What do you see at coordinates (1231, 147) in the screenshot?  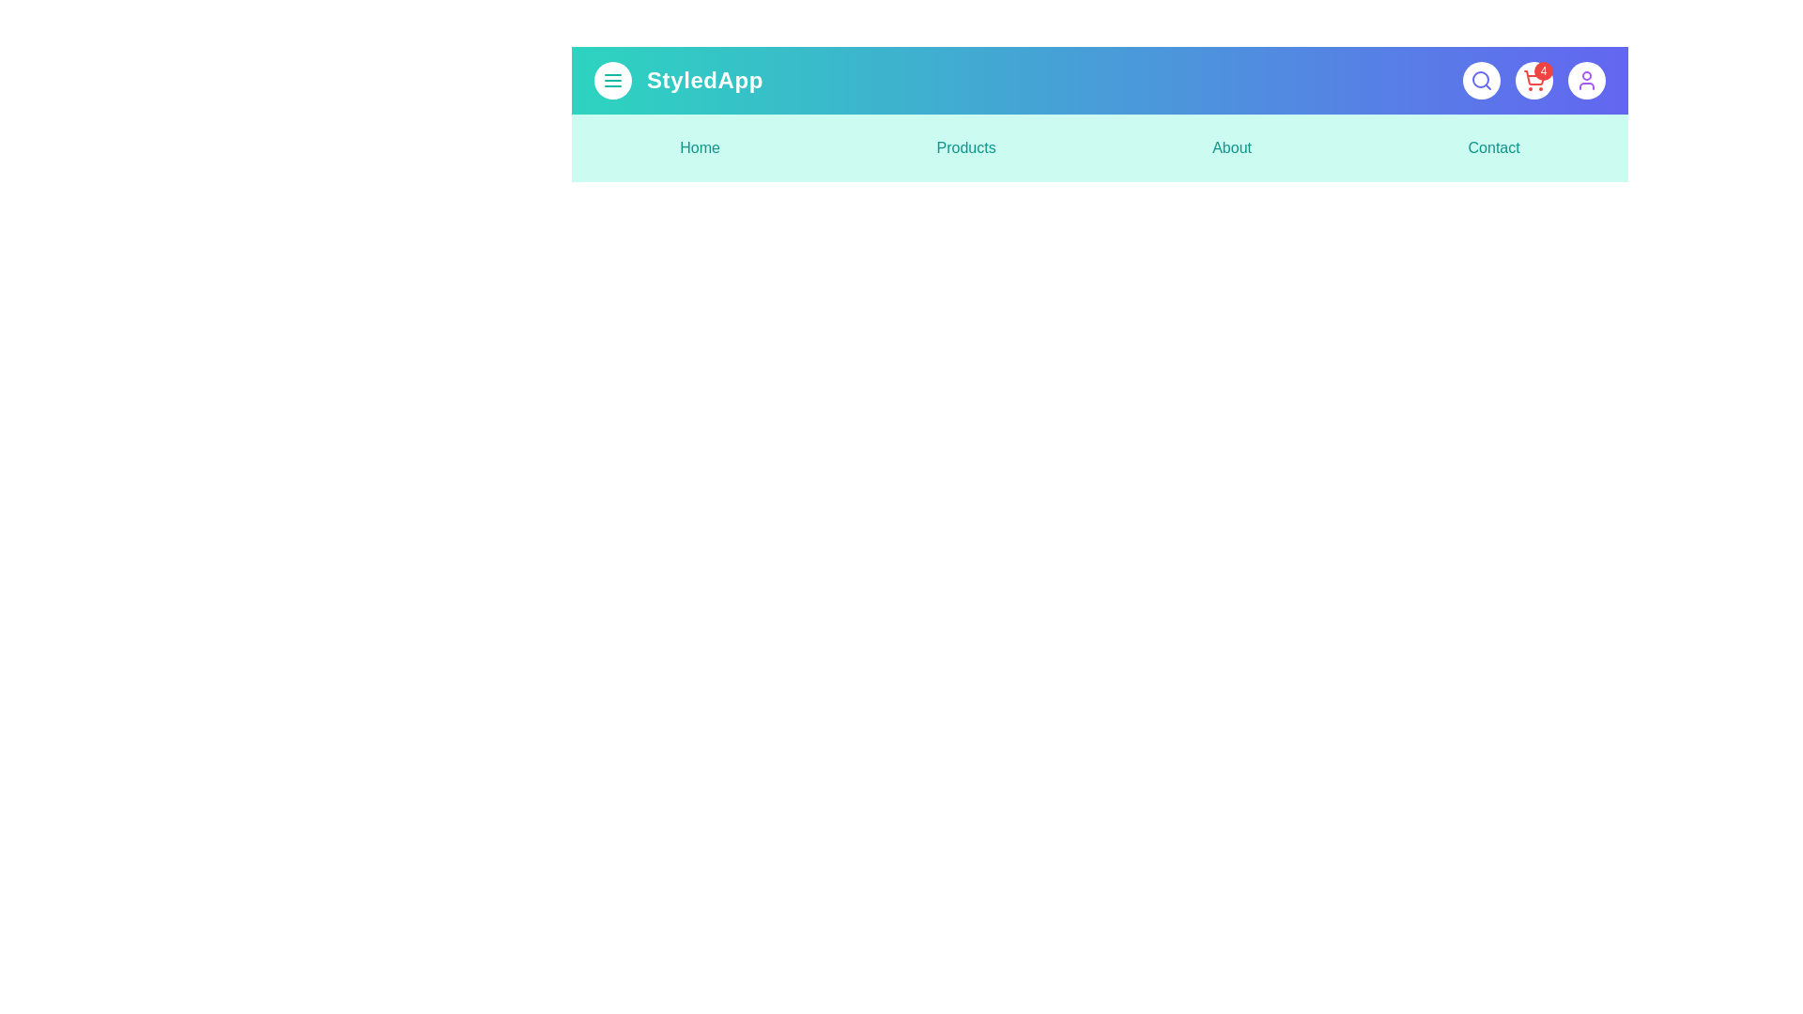 I see `the menu item labeled About to navigate to the corresponding section` at bounding box center [1231, 147].